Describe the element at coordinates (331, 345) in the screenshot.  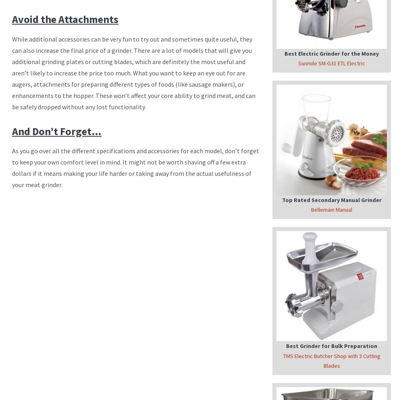
I see `'Best Grinder for Bulk Preparation'` at that location.